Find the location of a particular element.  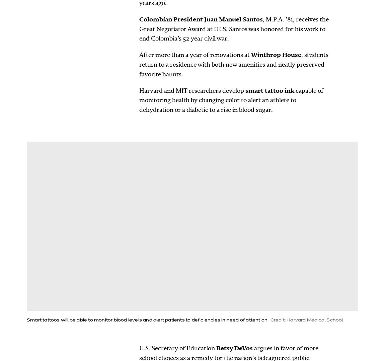

'Smart tattoos will be able to monitor blood levels and alert patients to deficiencies in need of attention.' is located at coordinates (26, 320).